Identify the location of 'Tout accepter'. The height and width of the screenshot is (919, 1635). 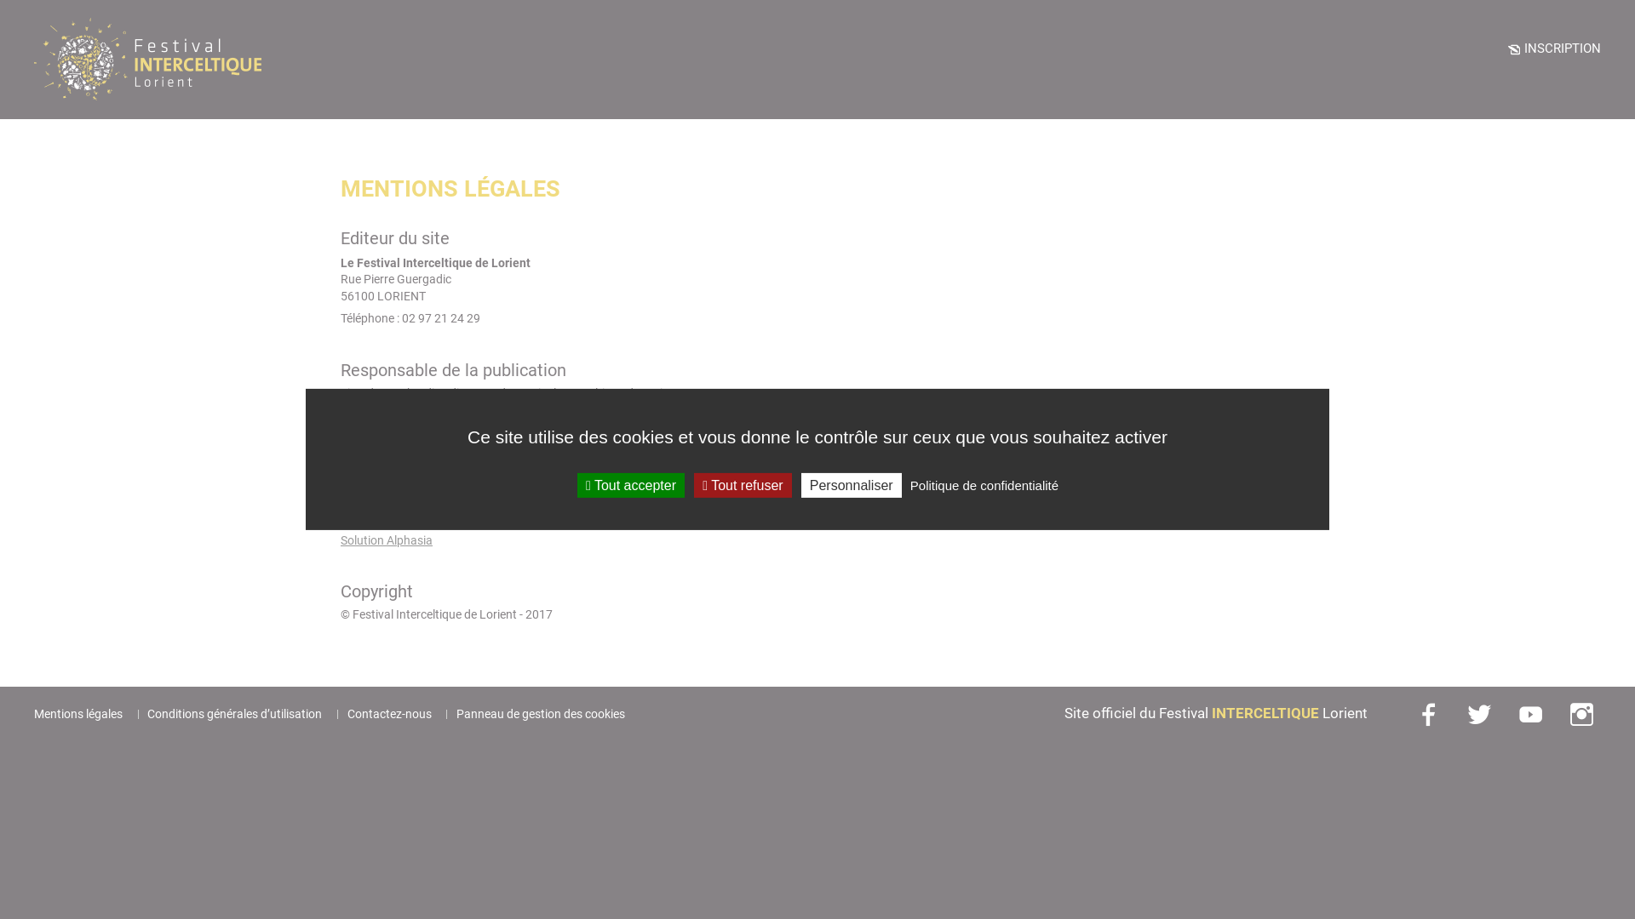
(577, 485).